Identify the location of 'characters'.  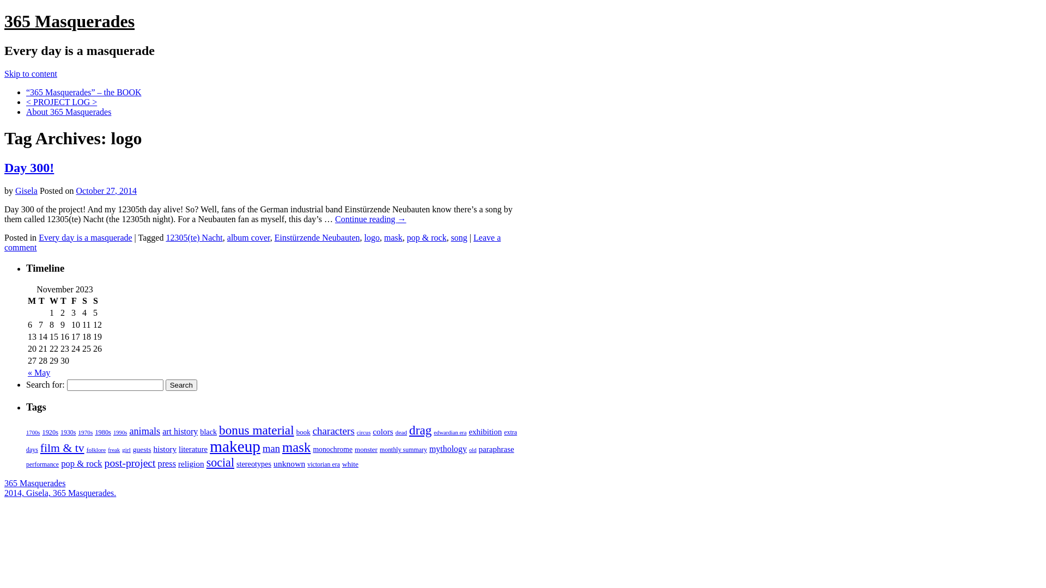
(333, 430).